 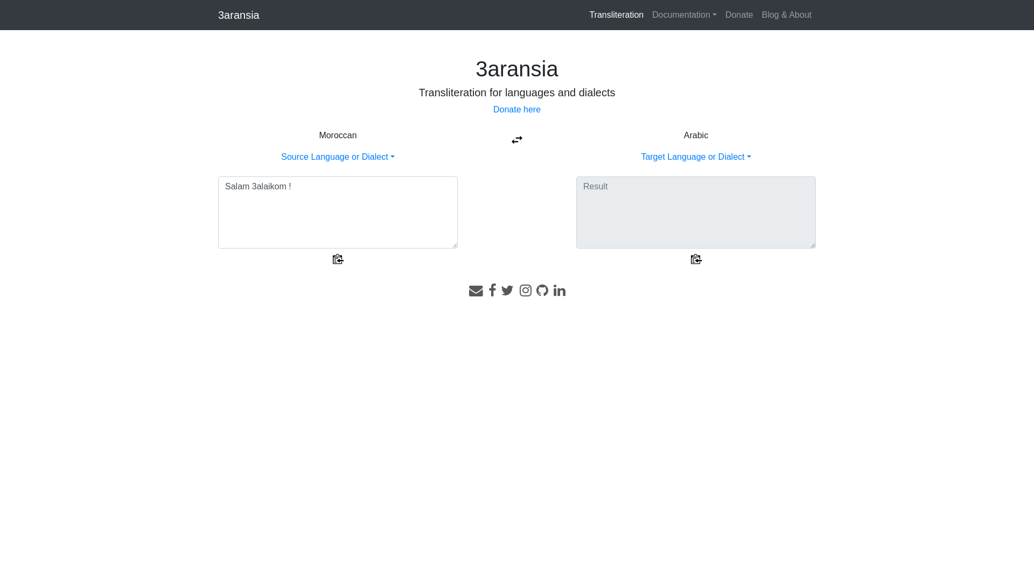 What do you see at coordinates (217, 15) in the screenshot?
I see `'3aransia'` at bounding box center [217, 15].